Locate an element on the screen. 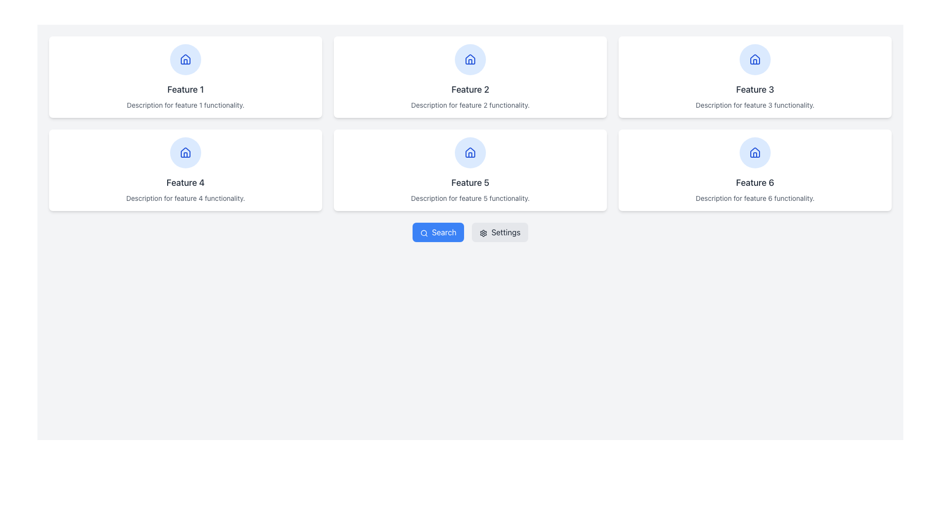  text content of the 'Feature 4' label located at the bottom center of the fourth card in a grid layout is located at coordinates (186, 183).